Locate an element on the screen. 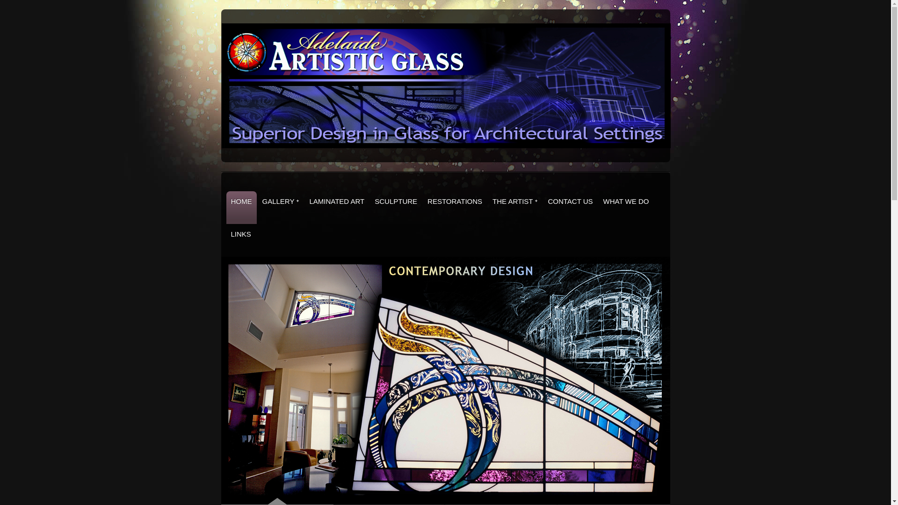 This screenshot has width=898, height=505. 'LAMINATED ART' is located at coordinates (337, 207).